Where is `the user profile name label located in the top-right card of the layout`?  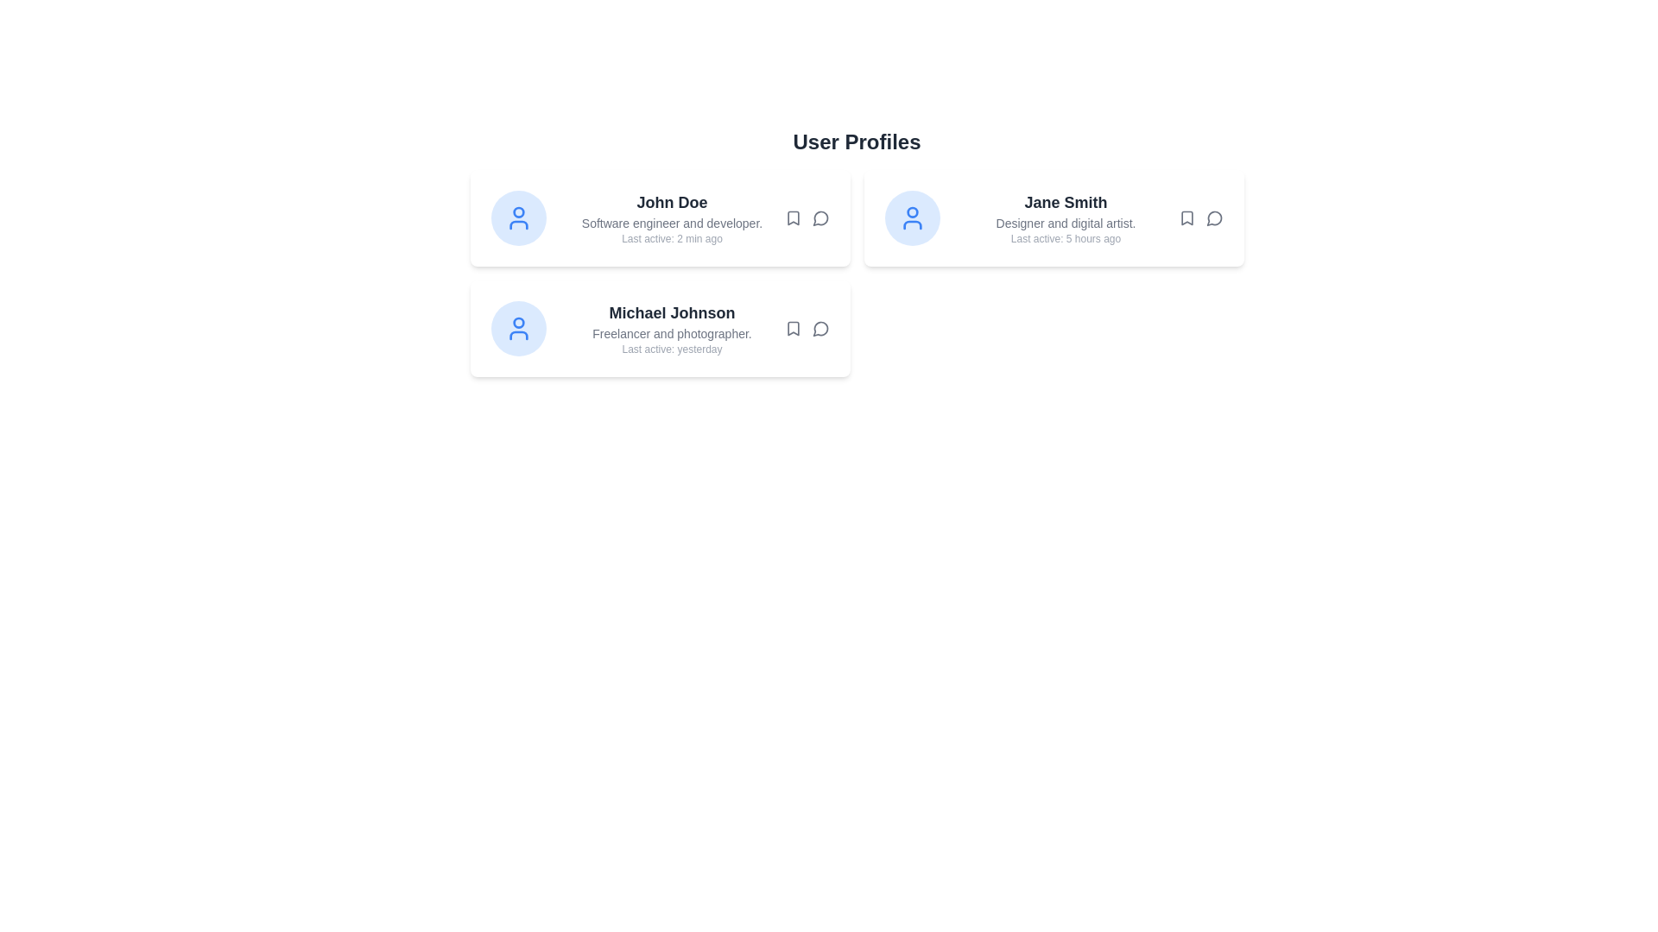
the user profile name label located in the top-right card of the layout is located at coordinates (1065, 202).